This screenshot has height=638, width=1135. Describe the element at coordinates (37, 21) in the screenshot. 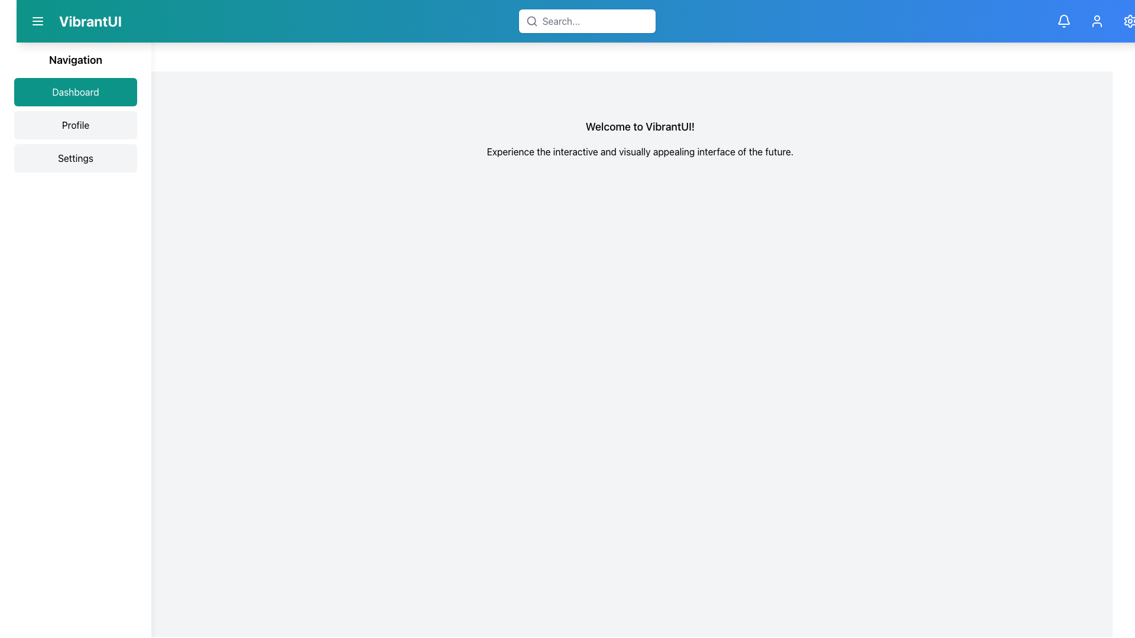

I see `the menu button located in the header bar, to the left of the 'VibrantUI' text` at that location.